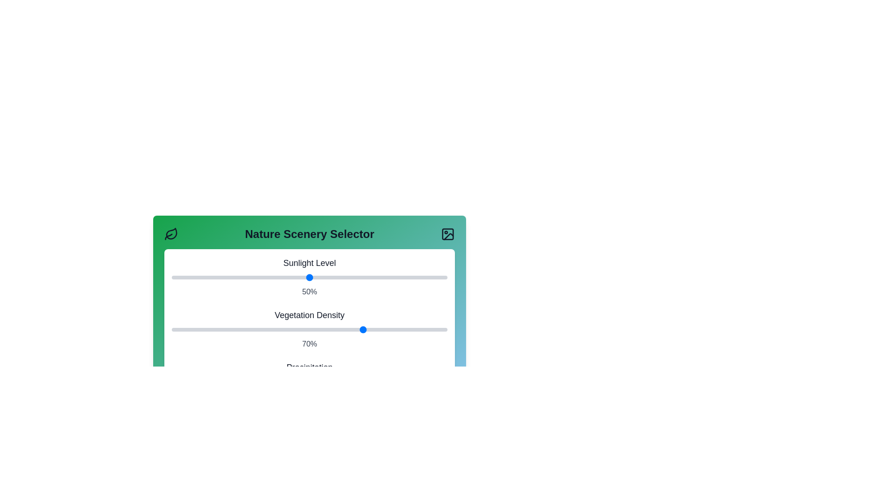  I want to click on the precipitation slider to set its value to 48, so click(304, 382).